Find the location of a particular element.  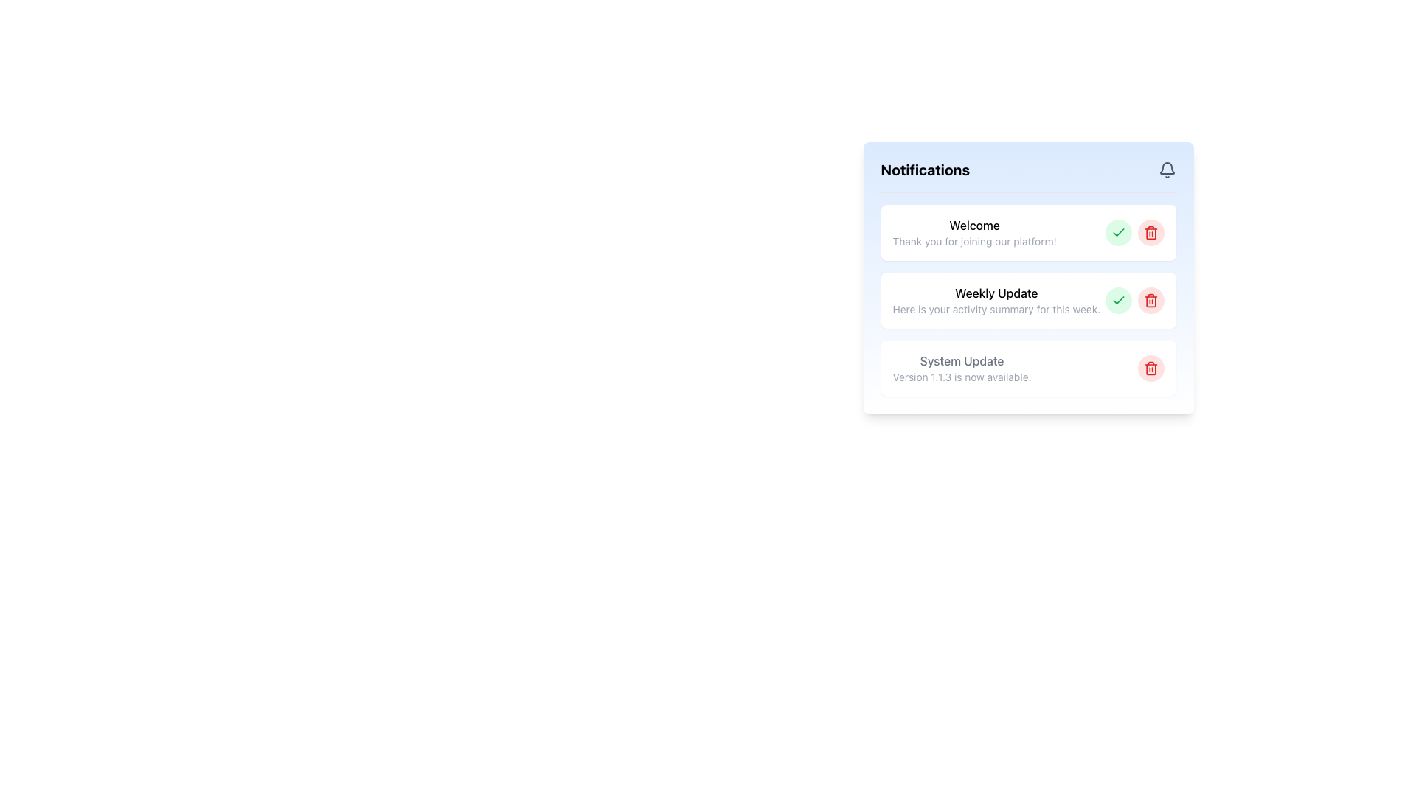

the content of the second notification card titled 'Weekly Update' in the Notifications component is located at coordinates (1027, 300).